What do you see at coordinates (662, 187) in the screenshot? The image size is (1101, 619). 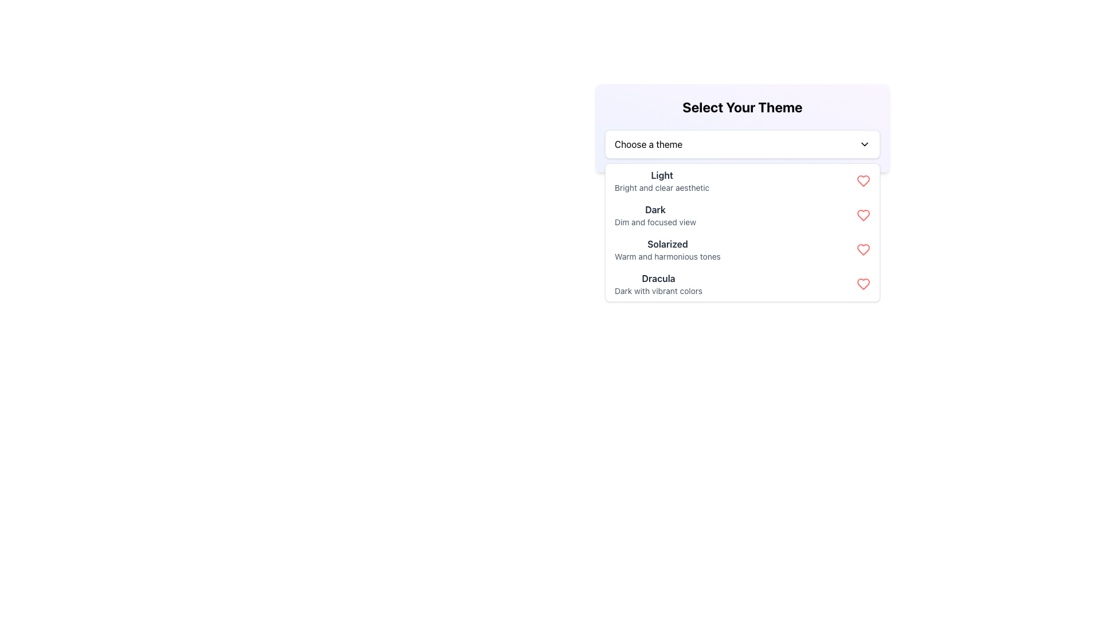 I see `the text label reading 'Bright and clear aesthetic', which is styled in gray and located directly below the 'Light' theme option in the dropdown menu` at bounding box center [662, 187].